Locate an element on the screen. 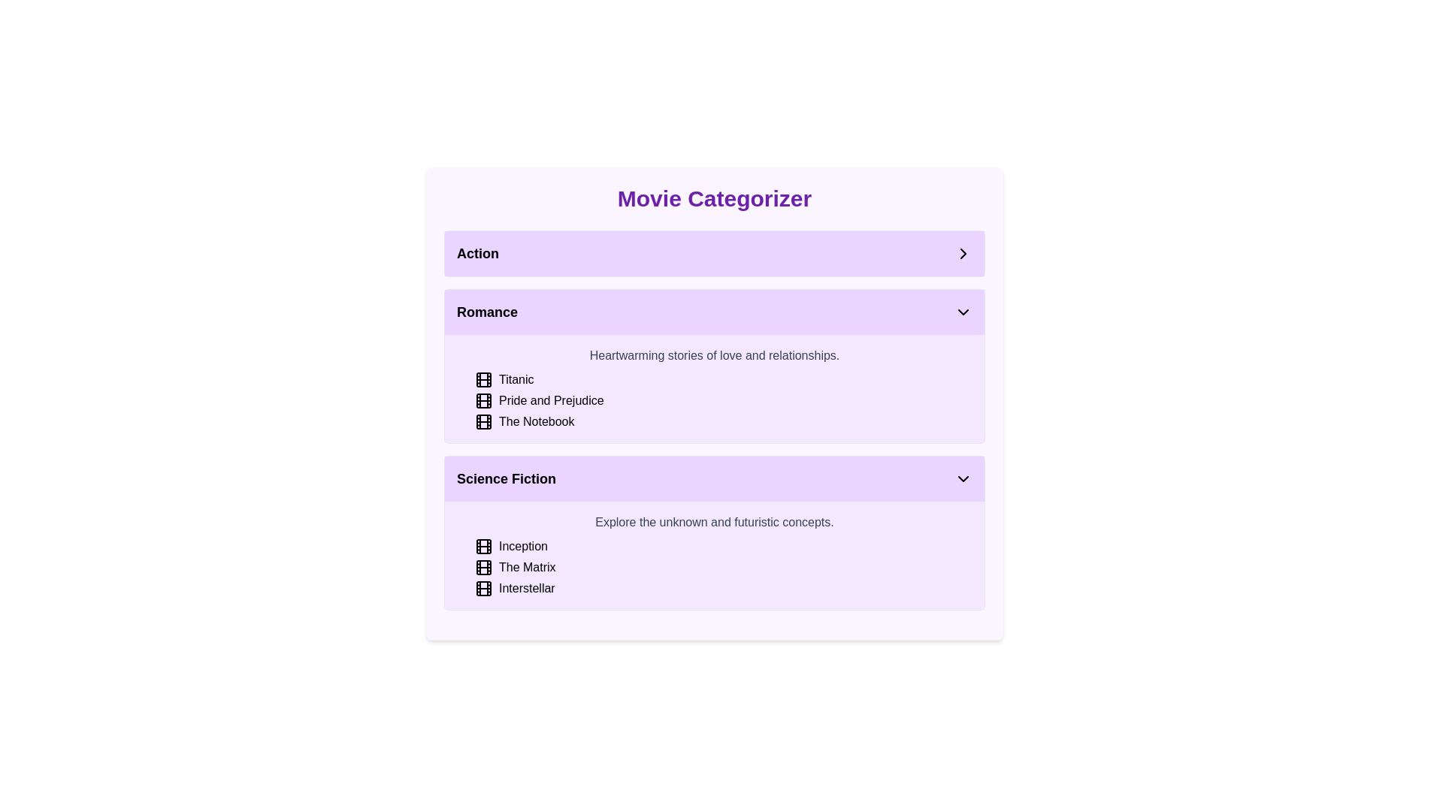 This screenshot has height=811, width=1443. the static text label summarizing the 'Romance' section, which is positioned above the list items 'Titanic,' 'Pride and Prejudice,' and 'The Notebook.' is located at coordinates (713, 356).